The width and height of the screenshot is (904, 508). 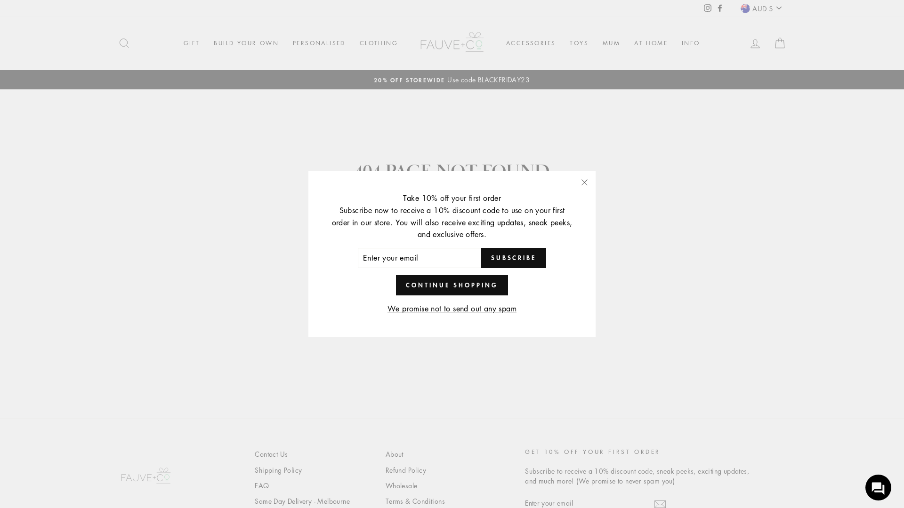 I want to click on 'About', so click(x=395, y=453).